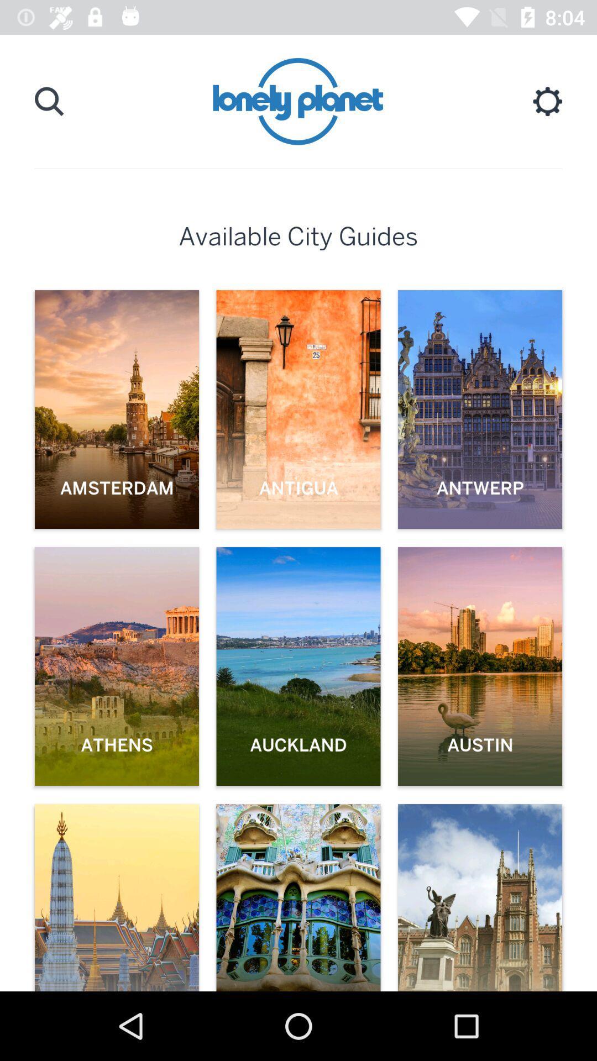 The image size is (597, 1061). Describe the element at coordinates (49, 101) in the screenshot. I see `the search icon` at that location.